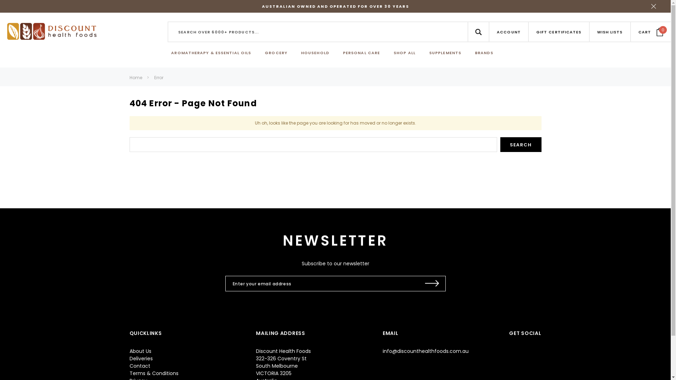  Describe the element at coordinates (425, 351) in the screenshot. I see `'info@discounthealthfoods.com.au'` at that location.